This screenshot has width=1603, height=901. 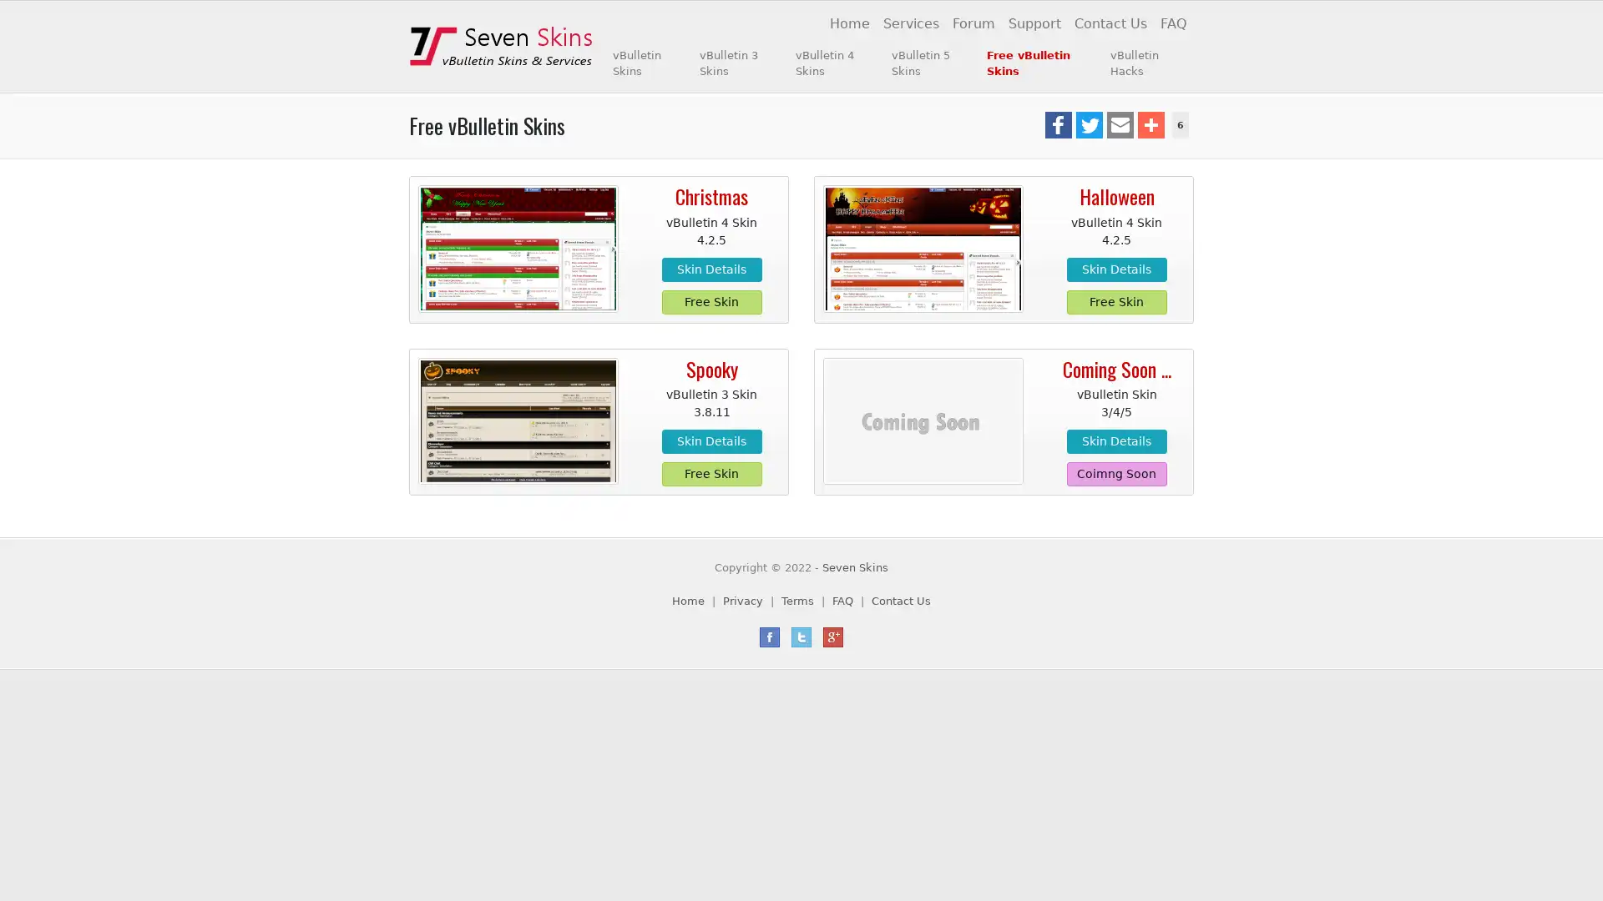 What do you see at coordinates (1116, 268) in the screenshot?
I see `Skin Details` at bounding box center [1116, 268].